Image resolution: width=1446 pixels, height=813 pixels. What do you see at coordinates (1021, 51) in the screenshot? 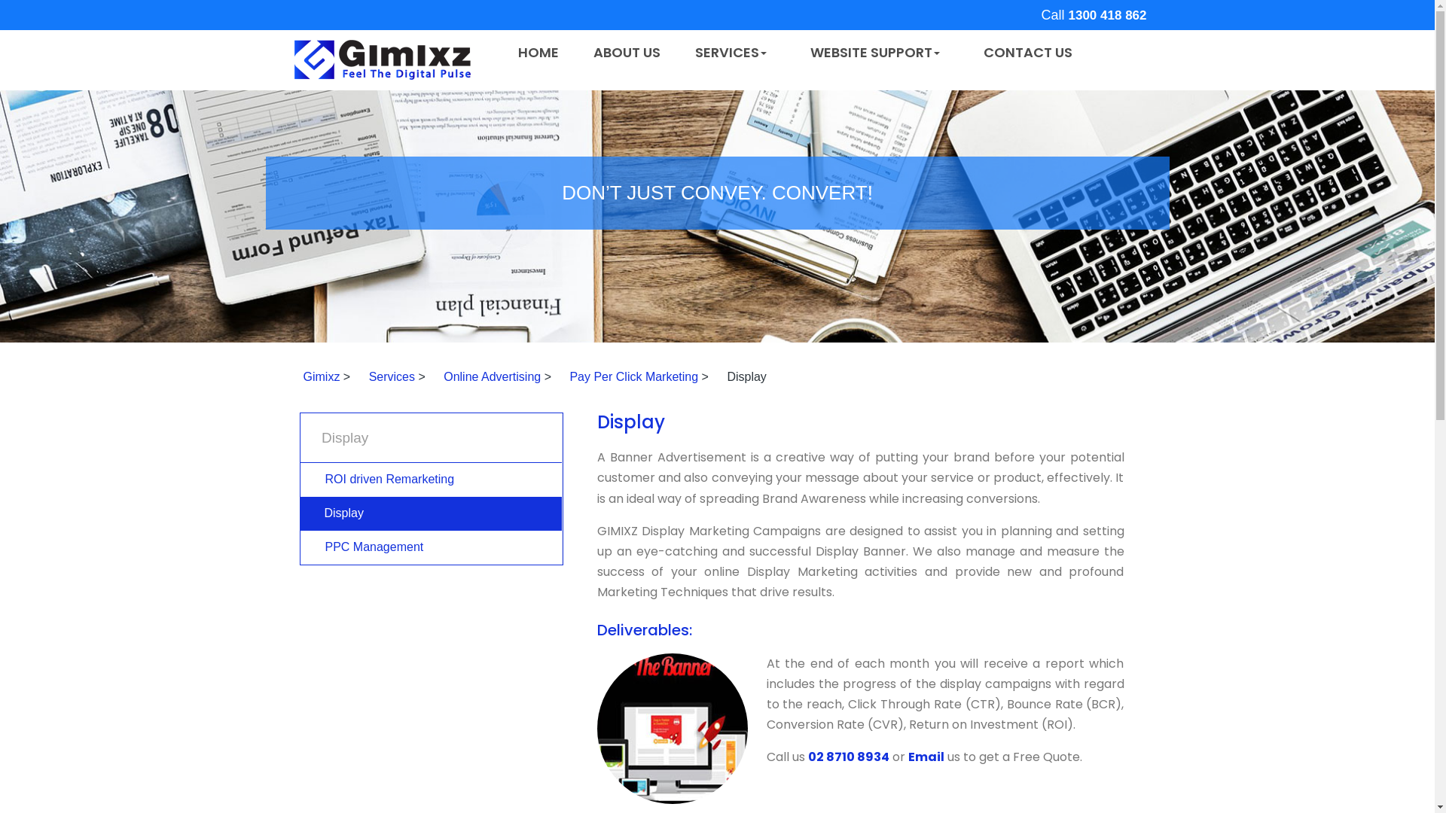
I see `'CONTACT US'` at bounding box center [1021, 51].